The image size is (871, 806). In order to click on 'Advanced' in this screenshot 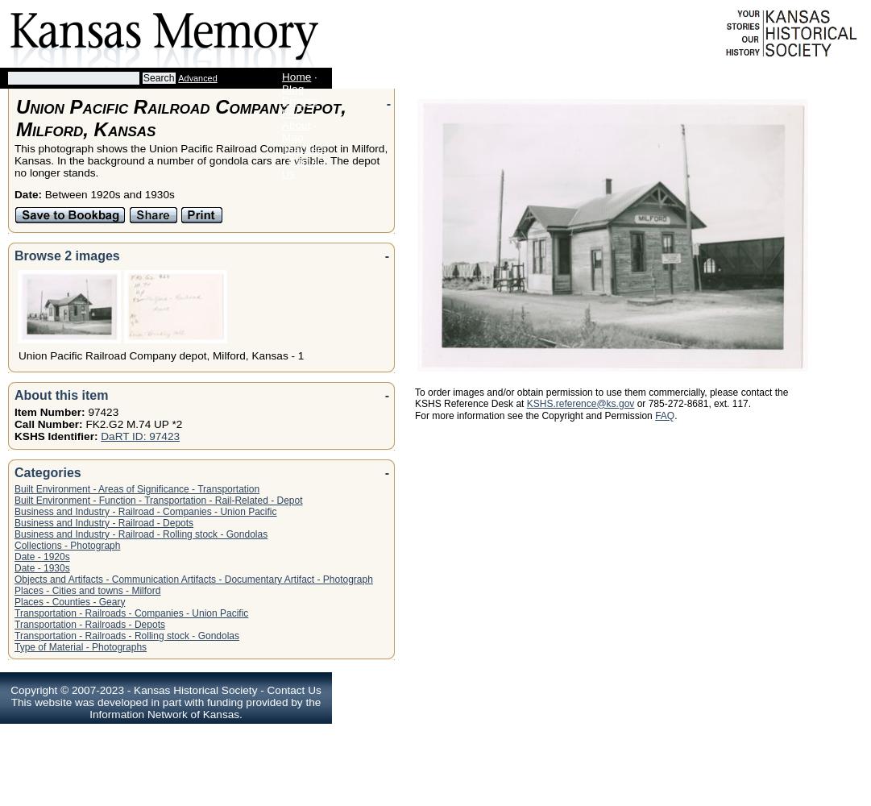, I will do `click(197, 77)`.